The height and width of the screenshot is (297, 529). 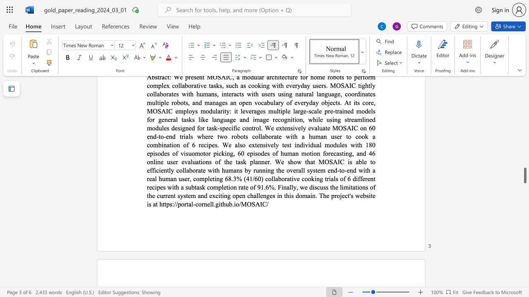 What do you see at coordinates (524, 144) in the screenshot?
I see `the scrollbar to slide the page up` at bounding box center [524, 144].